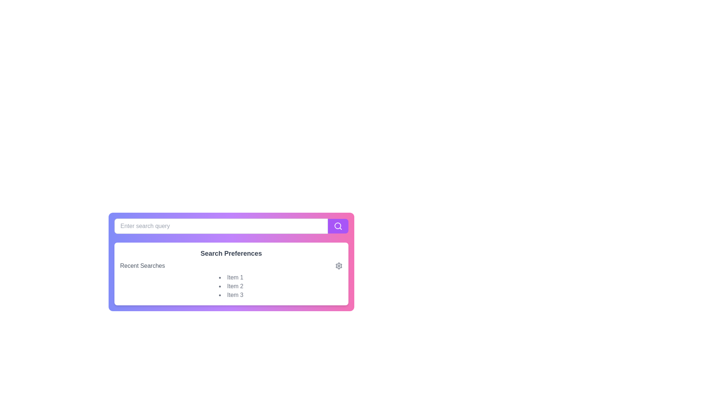 This screenshot has height=394, width=702. I want to click on the 'Search Preferences' text label, which is bold, large, gray, and serves as a header above 'Recent Searches', so click(231, 253).